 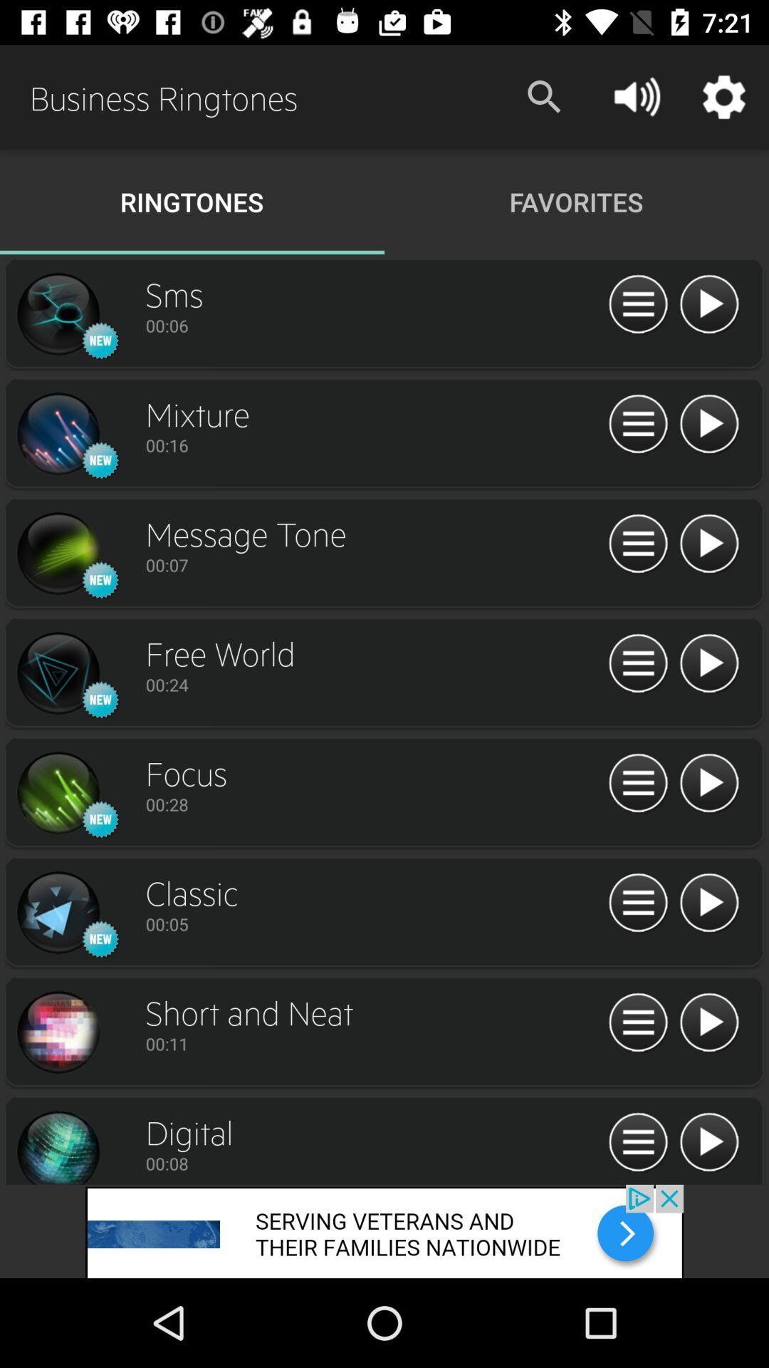 What do you see at coordinates (637, 663) in the screenshot?
I see `click pause button` at bounding box center [637, 663].